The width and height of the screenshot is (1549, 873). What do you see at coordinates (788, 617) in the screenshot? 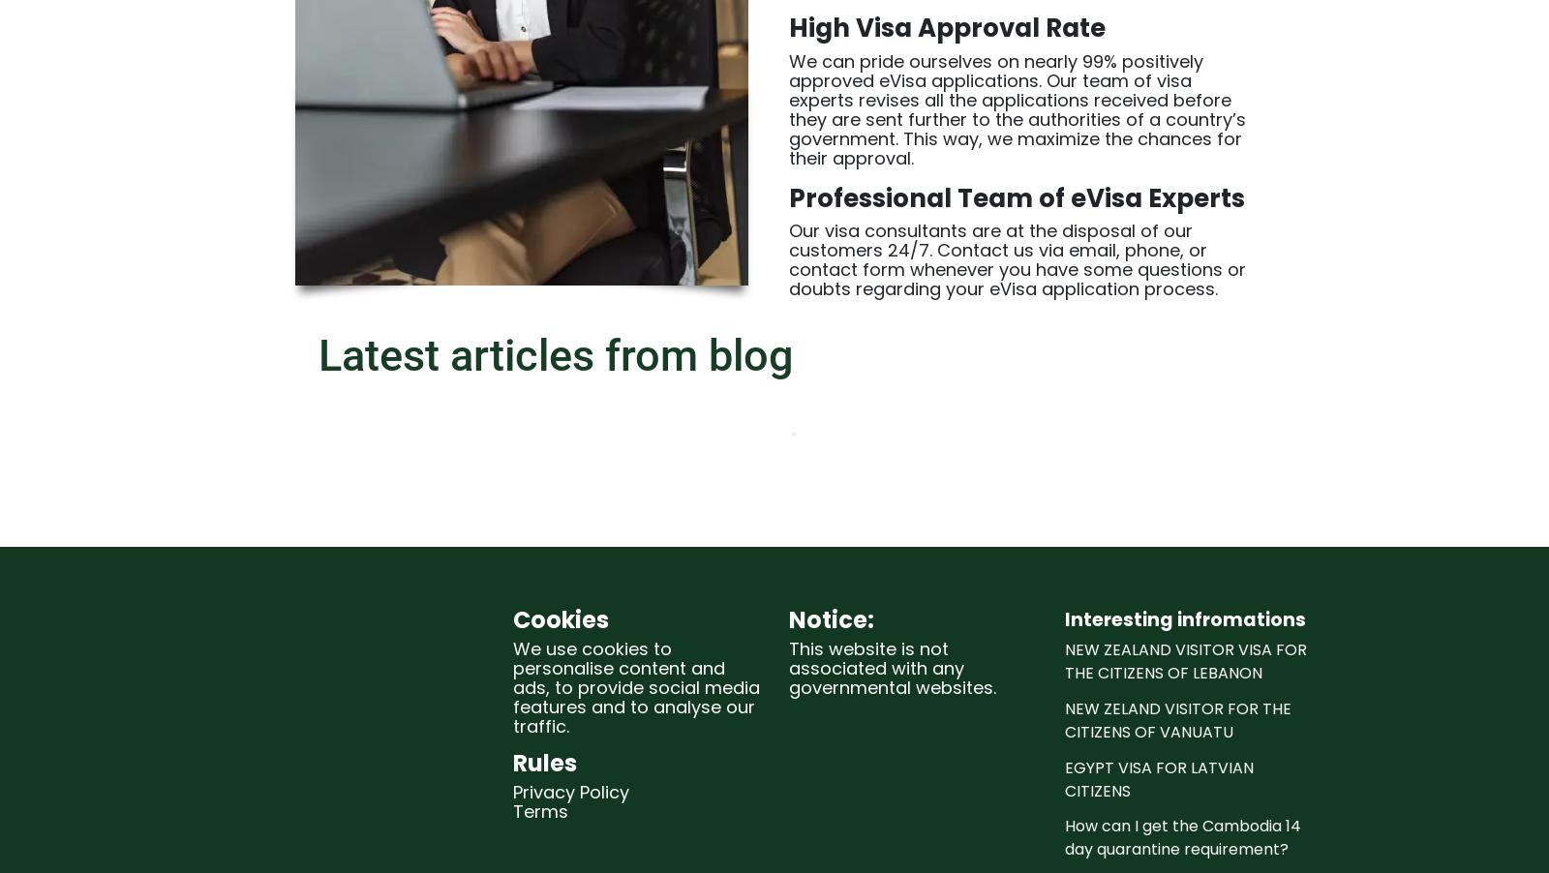
I see `'Notice:'` at bounding box center [788, 617].